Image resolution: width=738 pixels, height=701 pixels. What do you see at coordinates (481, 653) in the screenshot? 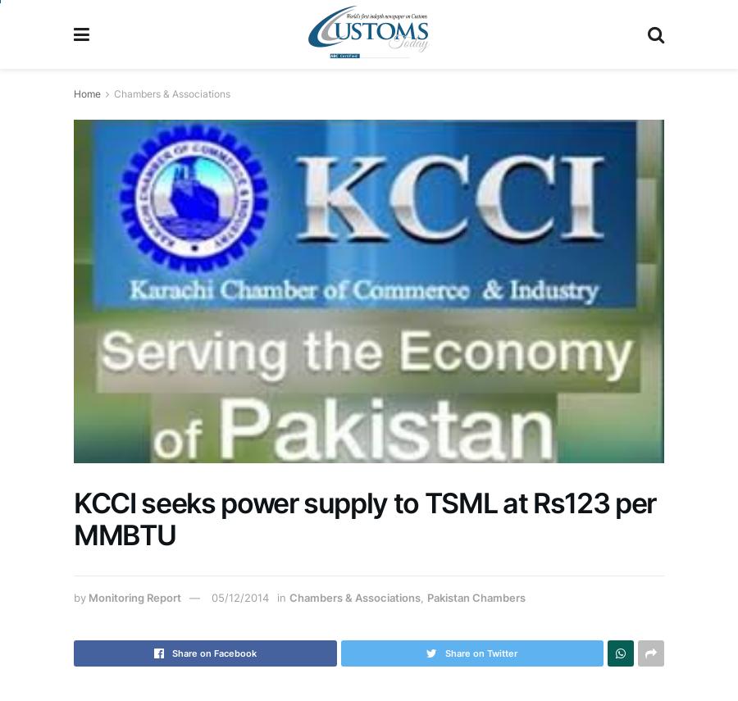
I see `'Share on Twitter'` at bounding box center [481, 653].